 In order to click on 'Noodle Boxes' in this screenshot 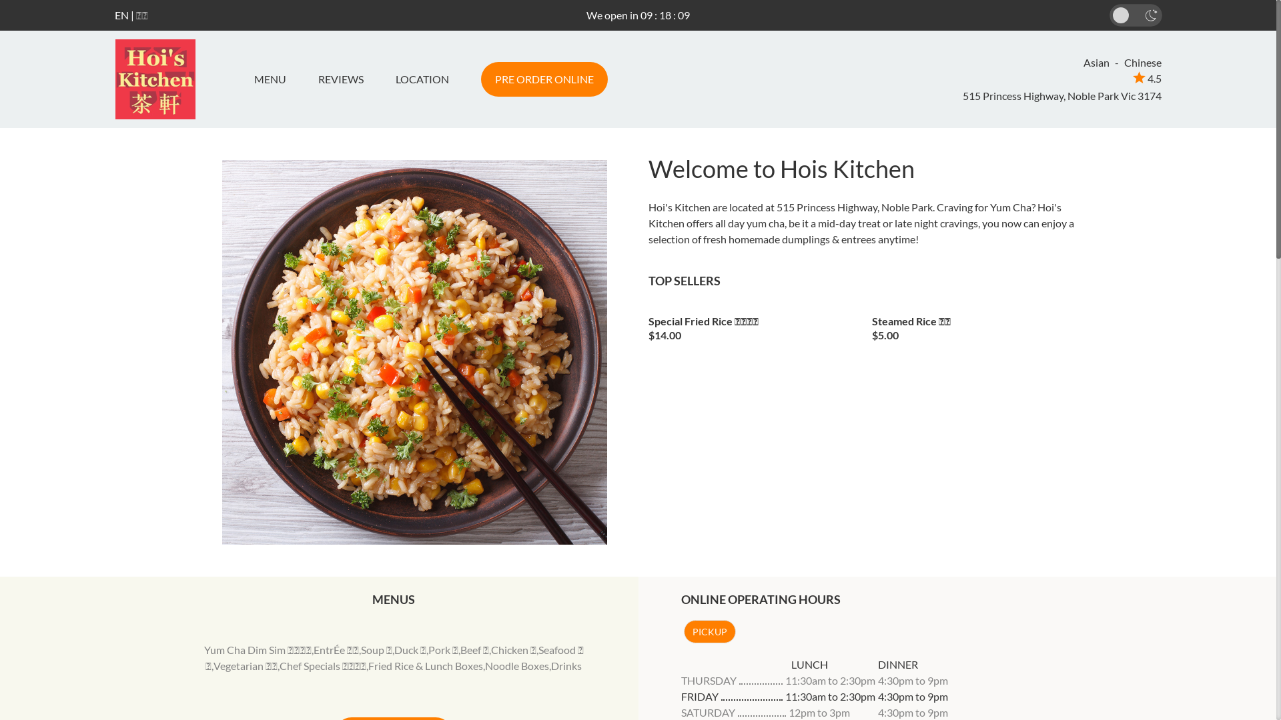, I will do `click(516, 665)`.